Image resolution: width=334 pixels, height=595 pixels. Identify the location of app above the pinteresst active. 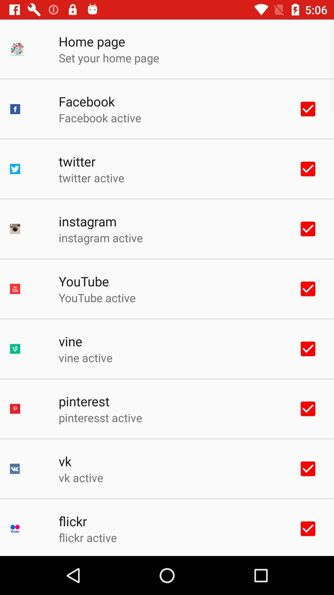
(84, 401).